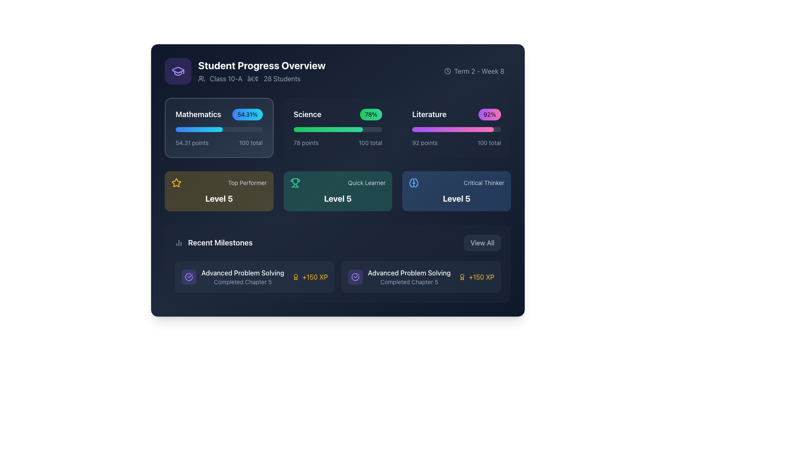 This screenshot has width=801, height=450. Describe the element at coordinates (489, 142) in the screenshot. I see `the informational Text Label displaying the total score context for the 'Literature' progress bar, located to the right of the '92 points' label` at that location.